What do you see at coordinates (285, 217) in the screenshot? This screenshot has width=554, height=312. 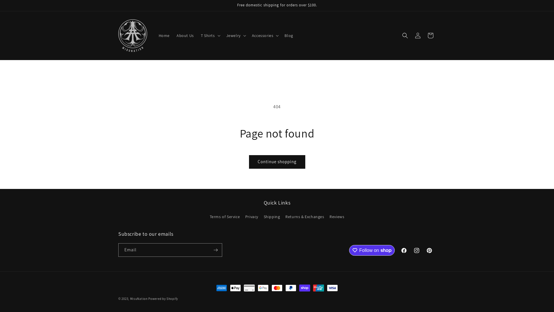 I see `'Returns & Exchanges'` at bounding box center [285, 217].